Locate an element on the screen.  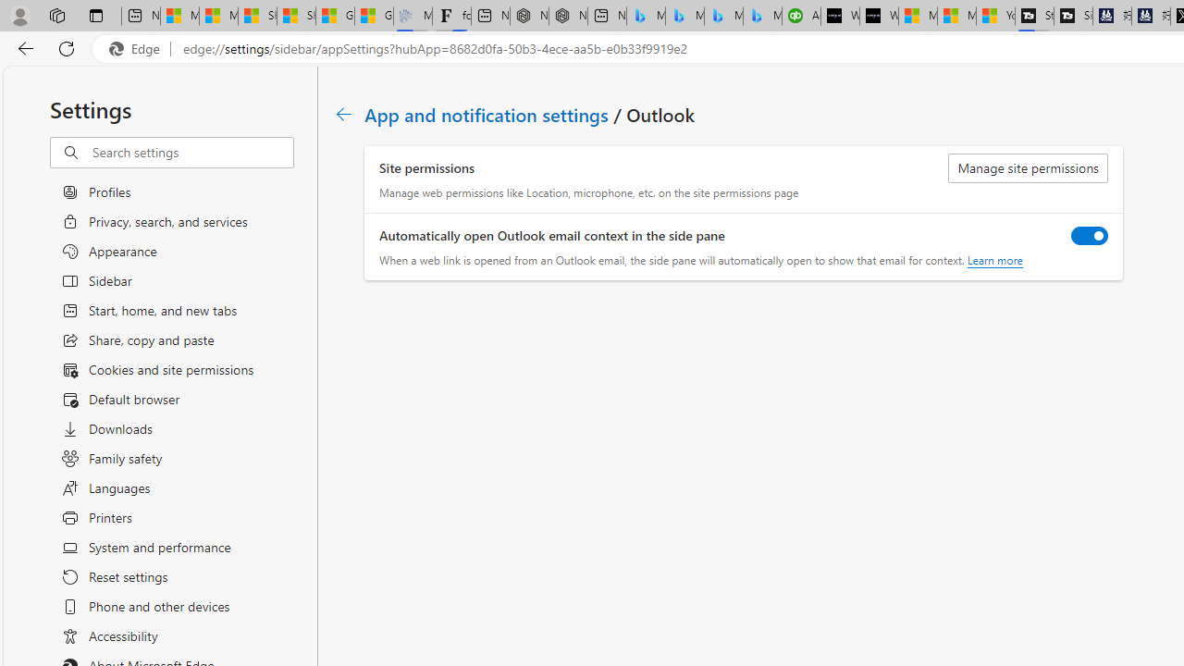
'Edge' is located at coordinates (138, 48).